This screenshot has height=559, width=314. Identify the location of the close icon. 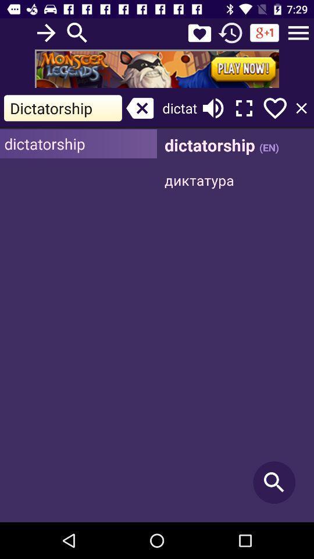
(301, 108).